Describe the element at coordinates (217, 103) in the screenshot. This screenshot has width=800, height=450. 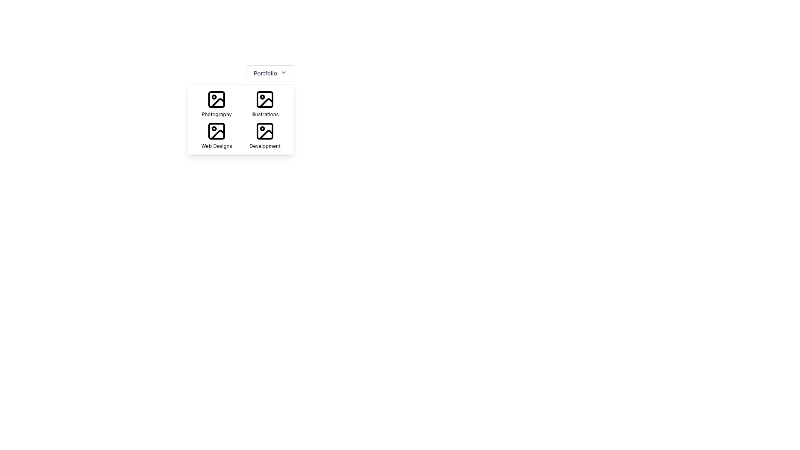
I see `the Photography category card icon, which features a simplistic black and white photo icon above the word 'Photography' in a small font, to potentially reveal additional information` at that location.